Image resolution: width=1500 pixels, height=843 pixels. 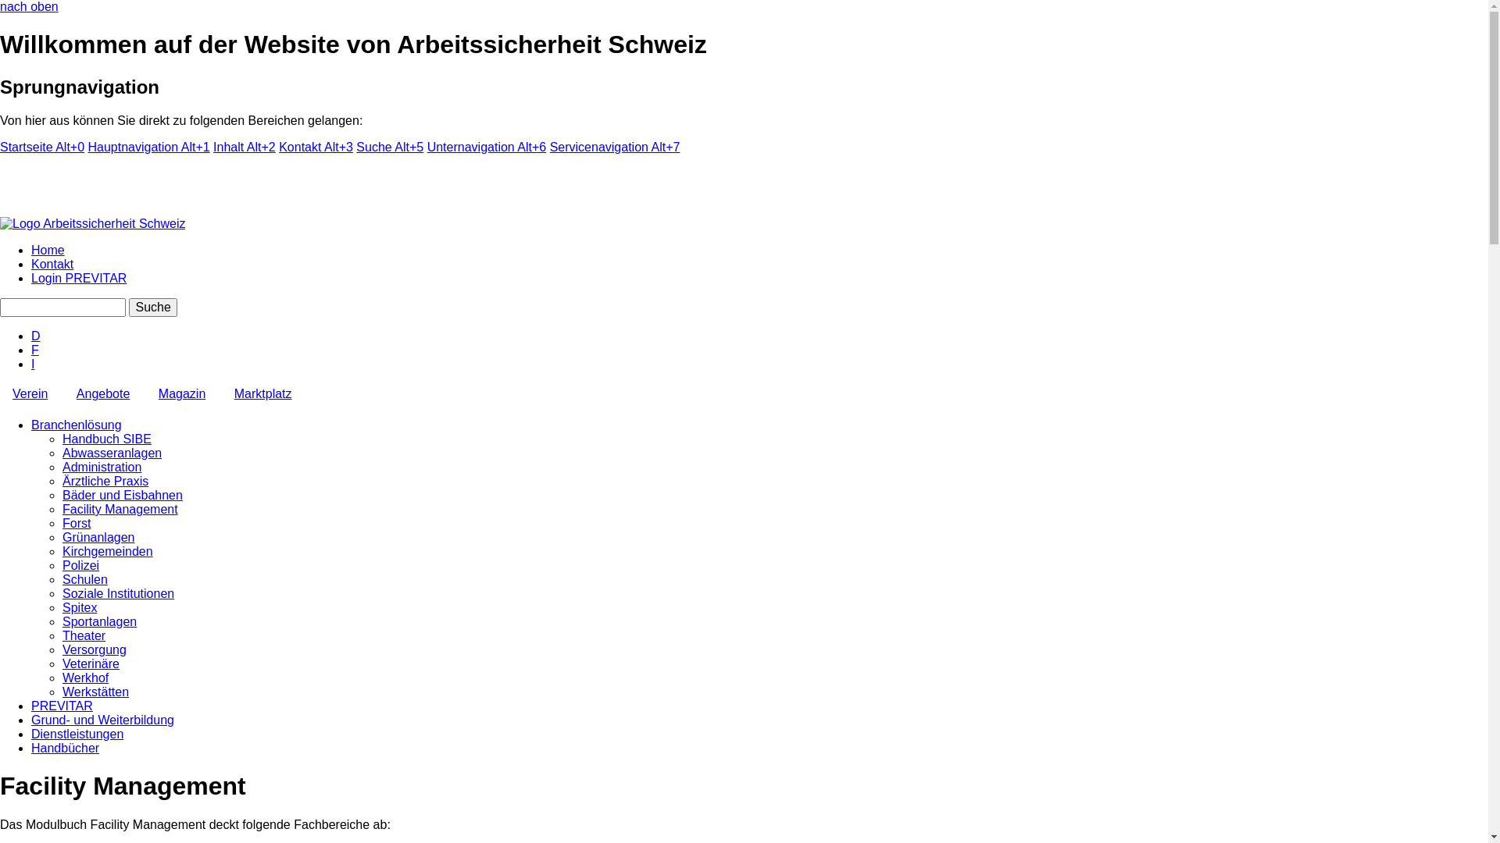 What do you see at coordinates (102, 720) in the screenshot?
I see `'Grund- und Weiterbildung'` at bounding box center [102, 720].